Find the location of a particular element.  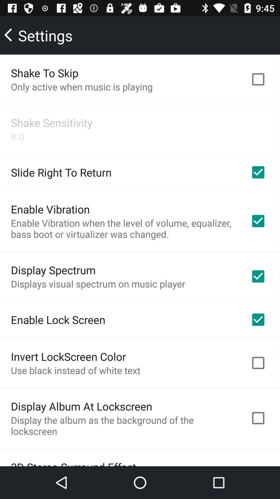

the item above only active when icon is located at coordinates (44, 73).